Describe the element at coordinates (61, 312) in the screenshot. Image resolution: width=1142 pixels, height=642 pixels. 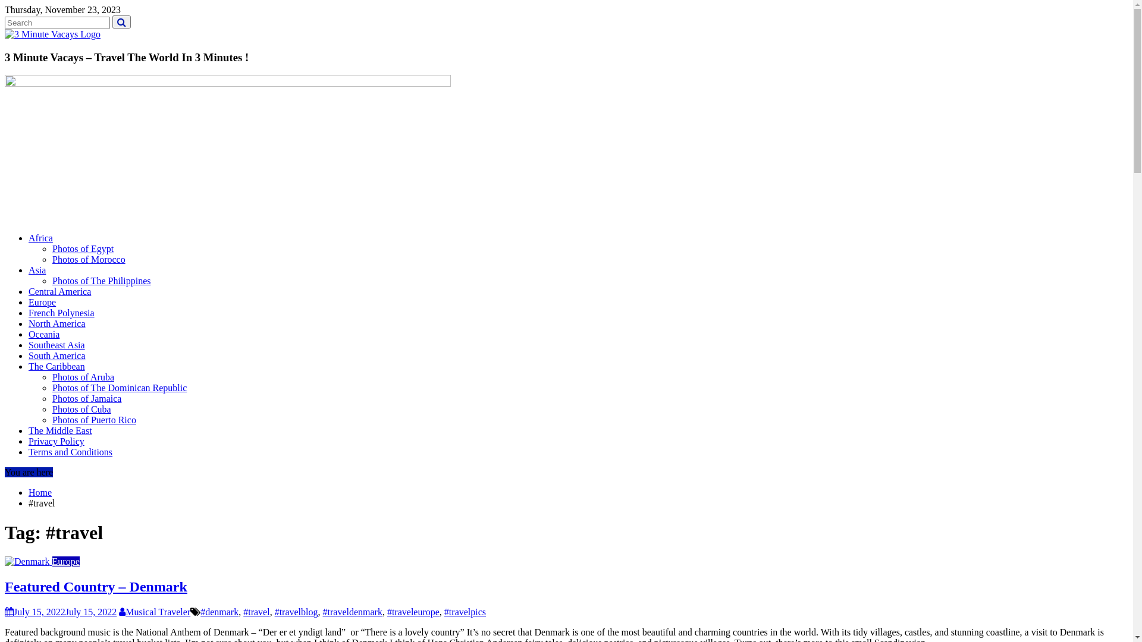
I see `'French Polynesia'` at that location.